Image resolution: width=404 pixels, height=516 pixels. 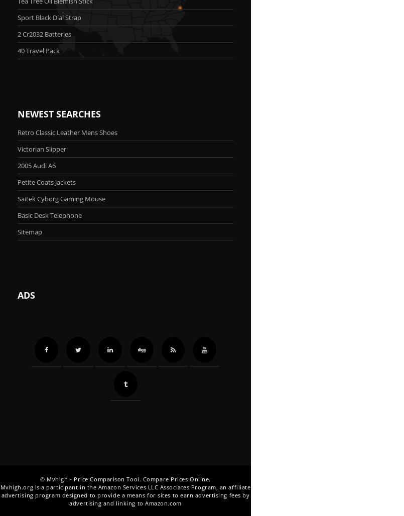 What do you see at coordinates (38, 50) in the screenshot?
I see `'40 Travel Pack'` at bounding box center [38, 50].